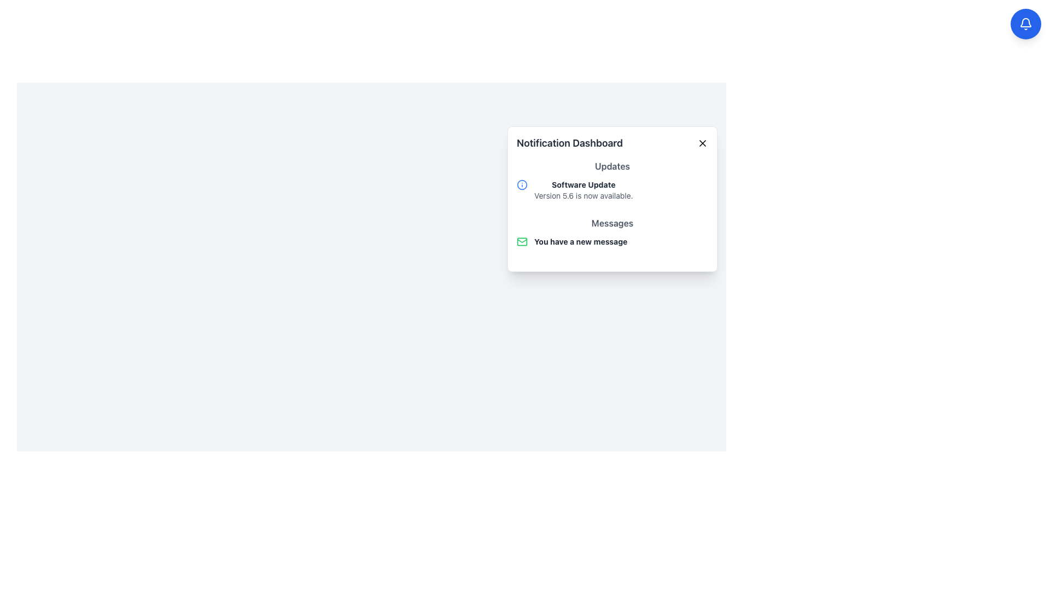 The image size is (1050, 591). What do you see at coordinates (611, 183) in the screenshot?
I see `the notification component titled 'Updates' with the subheading 'Software Update' indicating 'Version 5.6 is now available.'` at bounding box center [611, 183].